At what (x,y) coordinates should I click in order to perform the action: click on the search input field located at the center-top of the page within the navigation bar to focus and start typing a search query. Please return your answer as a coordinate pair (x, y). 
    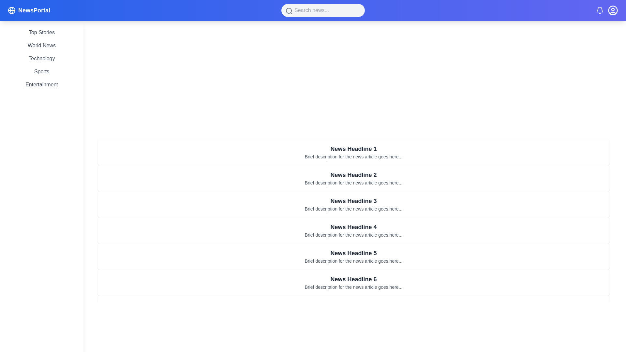
    Looking at the image, I should click on (323, 10).